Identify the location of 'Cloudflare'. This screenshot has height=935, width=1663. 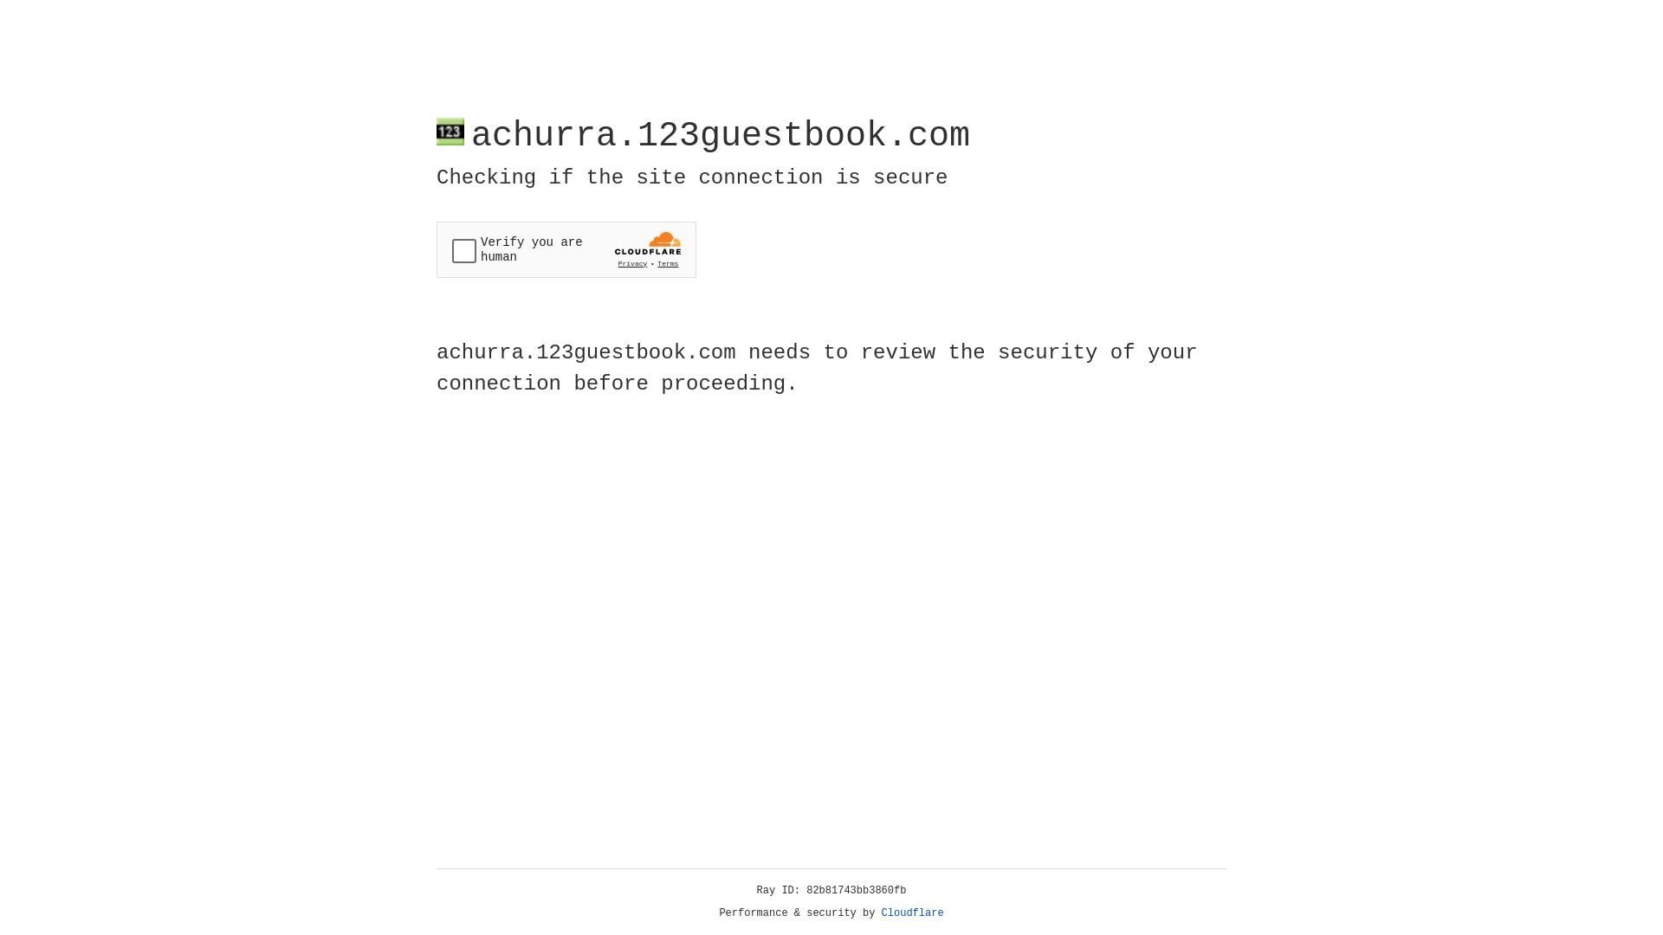
(912, 912).